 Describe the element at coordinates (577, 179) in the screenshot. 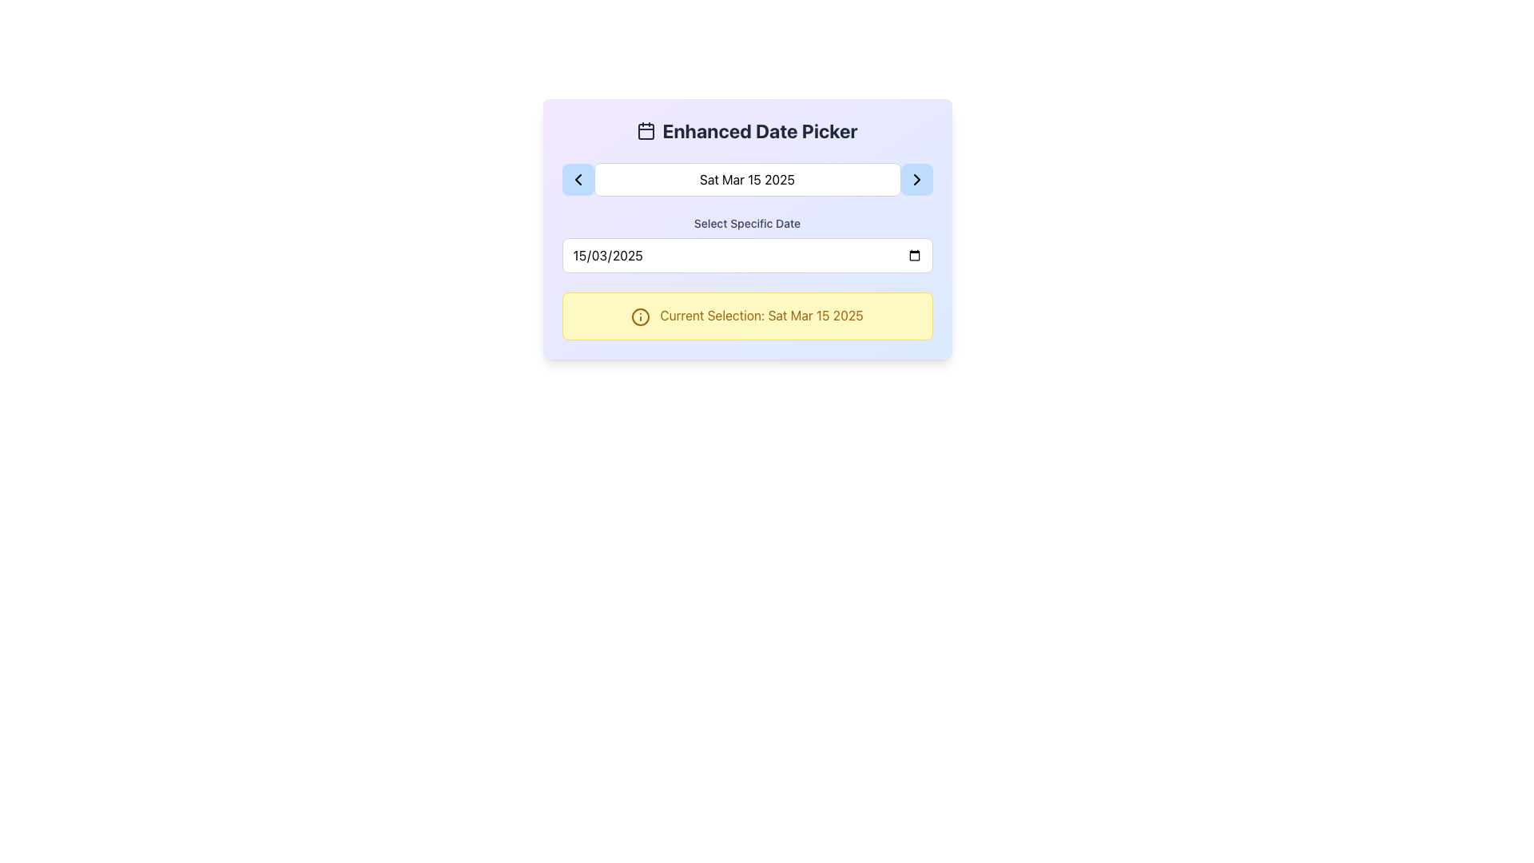

I see `the small, left-facing chevron arrow button with a light blue background, located to the left of the white date display area` at that location.